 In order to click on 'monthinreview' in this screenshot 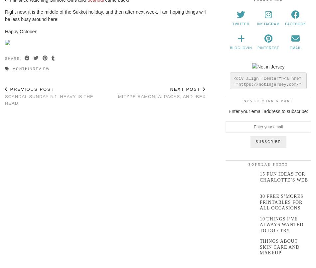, I will do `click(31, 68)`.